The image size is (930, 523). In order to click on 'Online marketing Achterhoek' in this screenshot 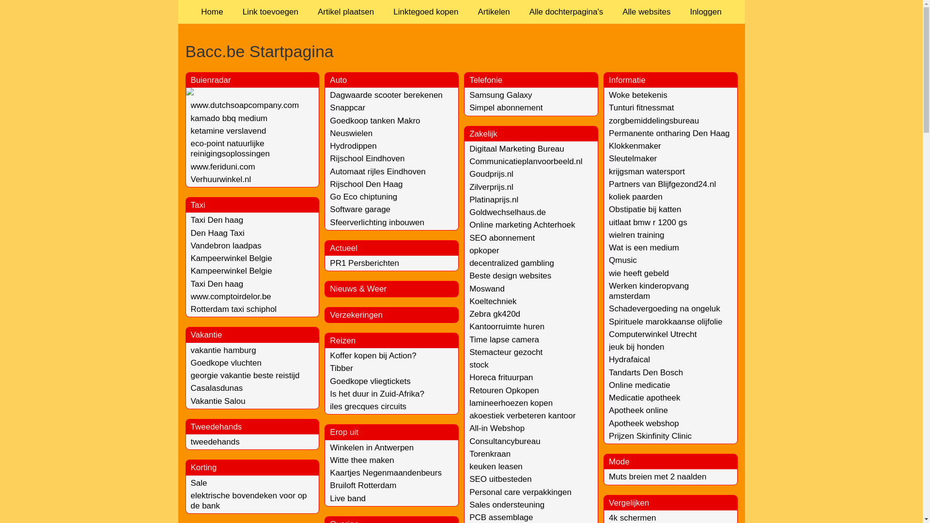, I will do `click(522, 225)`.